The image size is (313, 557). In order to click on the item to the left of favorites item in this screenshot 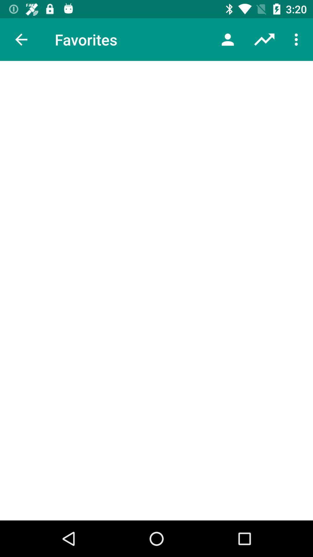, I will do `click(21, 39)`.